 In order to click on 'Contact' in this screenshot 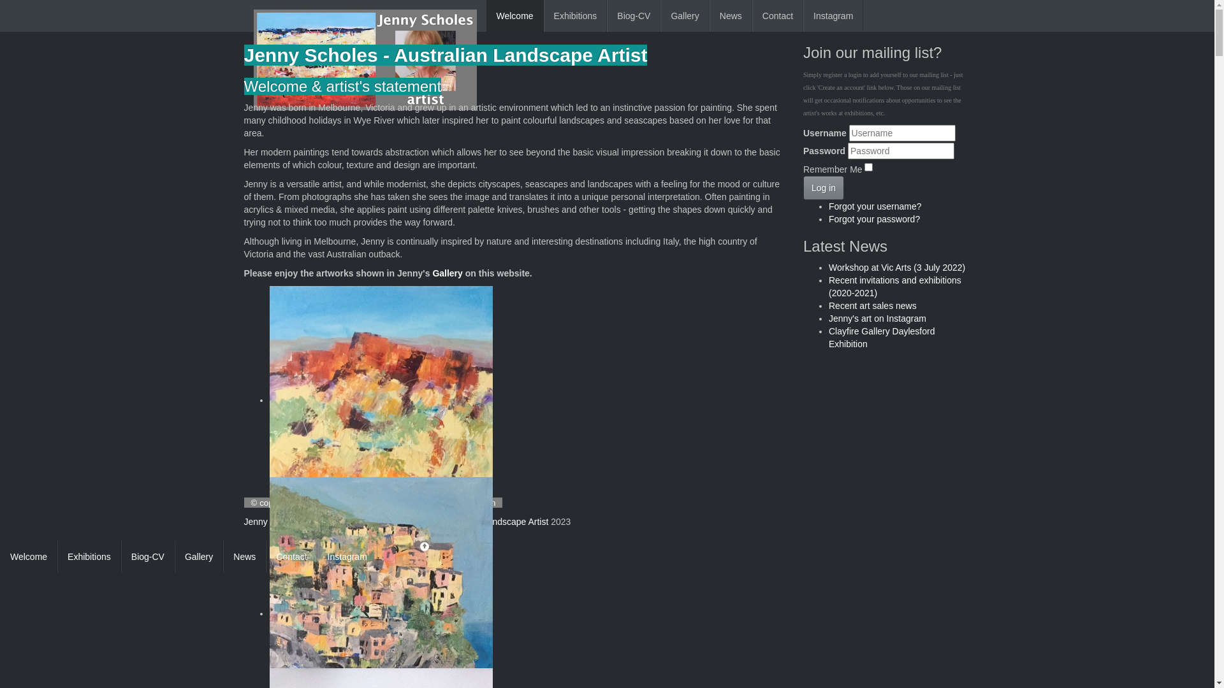, I will do `click(265, 556)`.